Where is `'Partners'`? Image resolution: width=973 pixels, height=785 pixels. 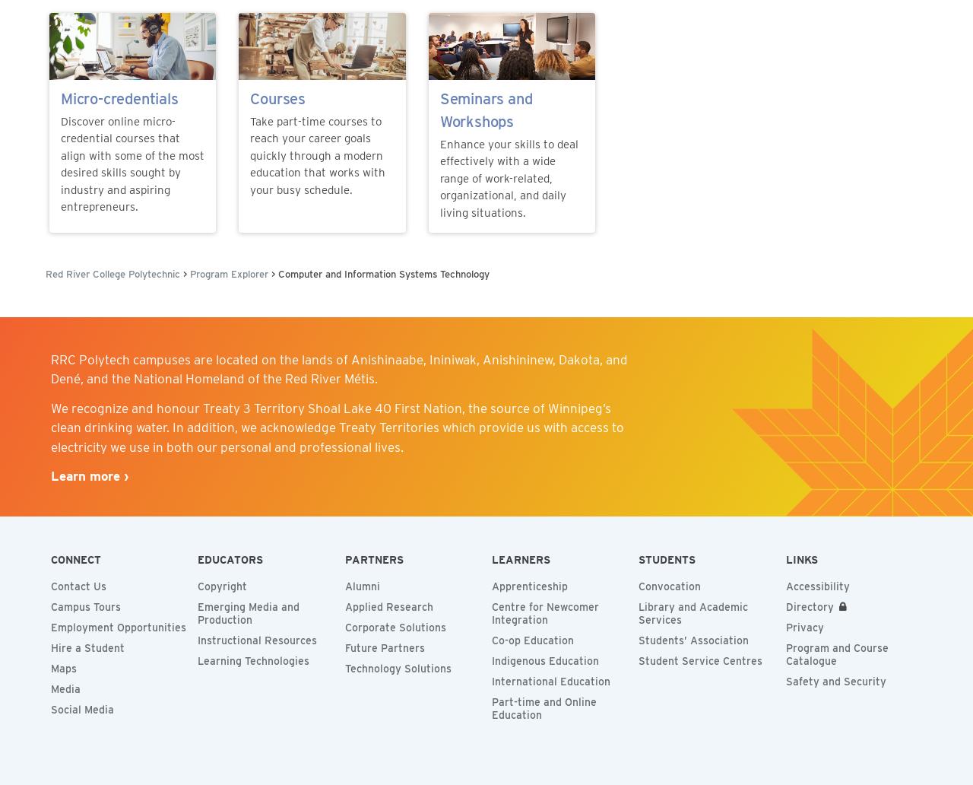
'Partners' is located at coordinates (373, 559).